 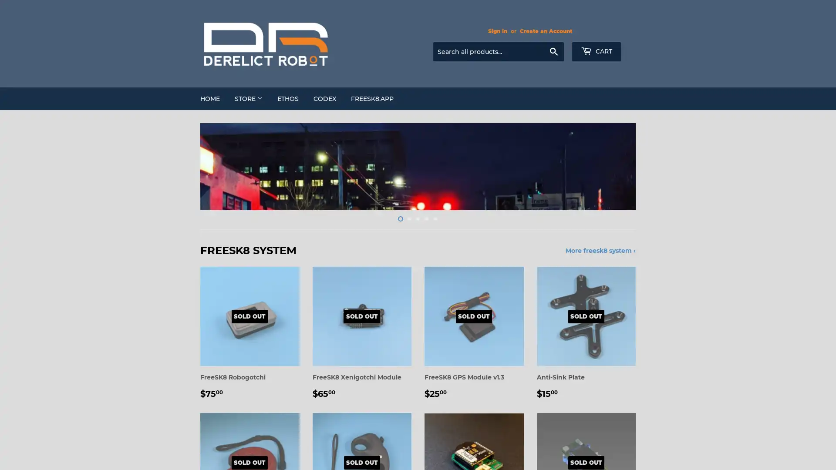 I want to click on Search, so click(x=553, y=52).